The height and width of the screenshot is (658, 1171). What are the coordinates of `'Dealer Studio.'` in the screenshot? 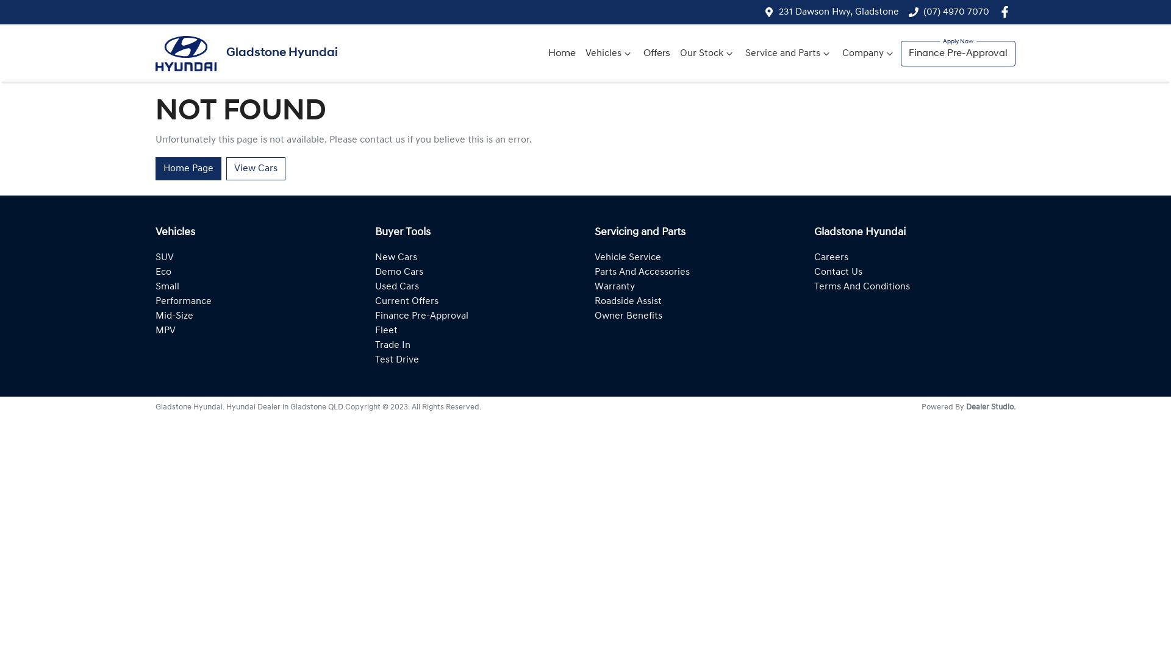 It's located at (990, 407).